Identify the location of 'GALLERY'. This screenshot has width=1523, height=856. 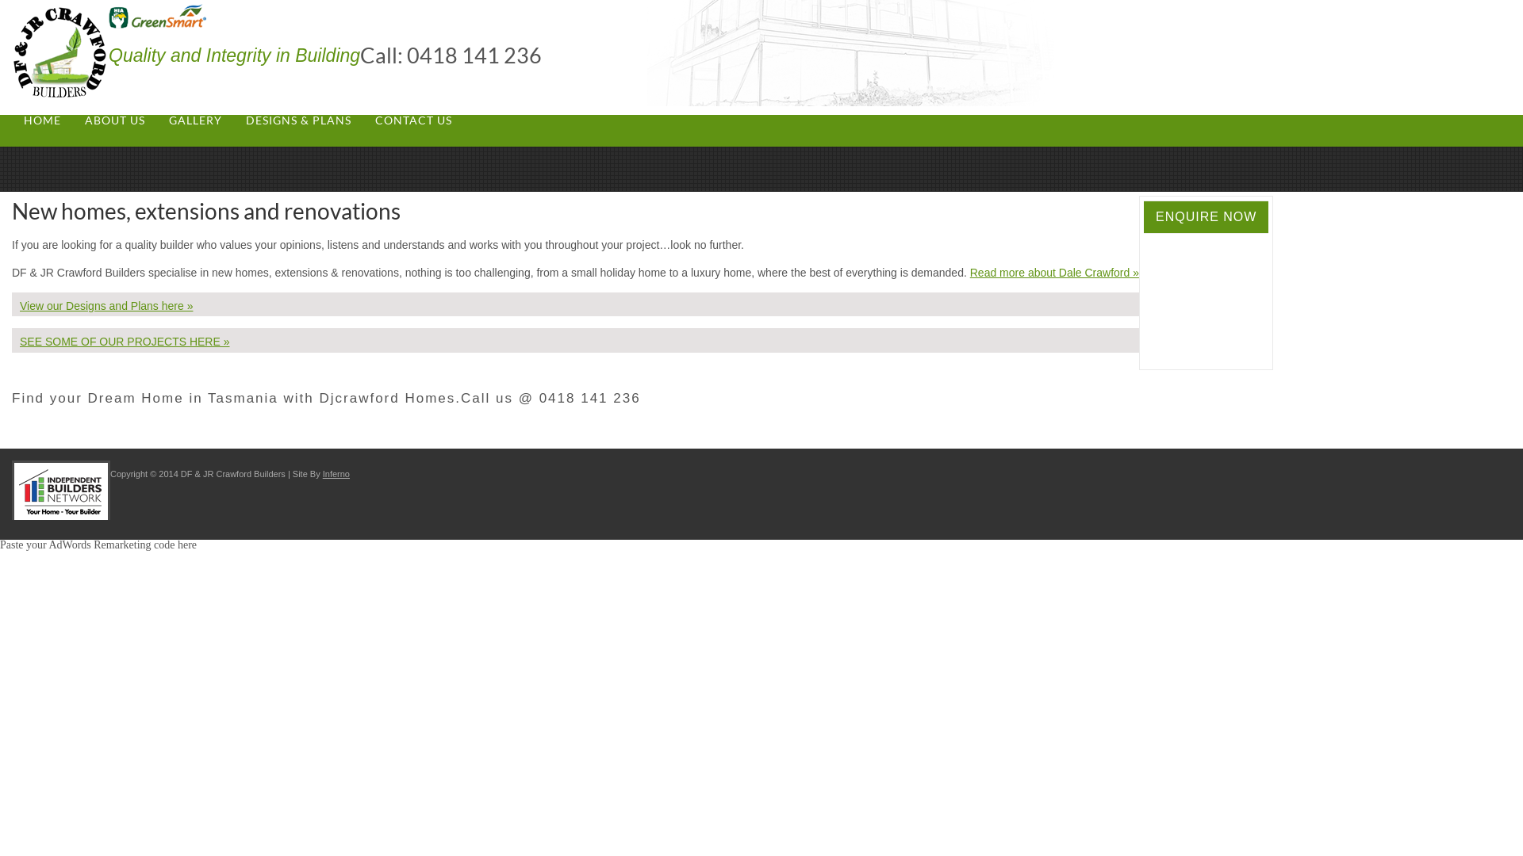
(194, 119).